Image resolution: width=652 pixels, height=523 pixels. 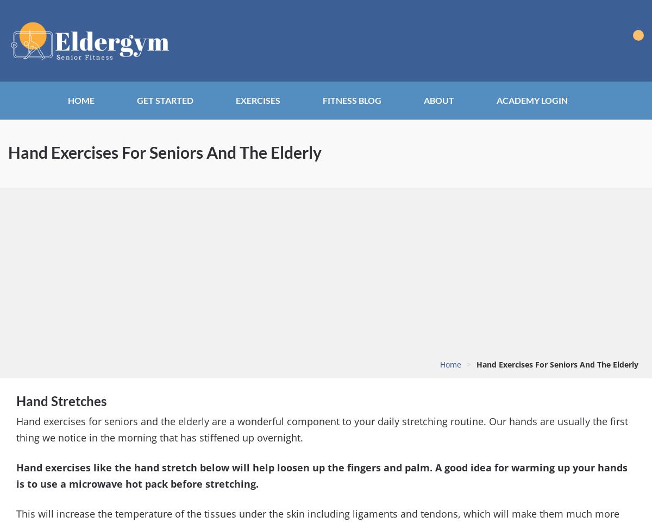 I want to click on 'Hand exercises for seniors and the elderly are a wonderful component to your daily stretching routine. Our hands are usually the first thing we notice in the morning that has stiffened up overnight.', so click(x=322, y=428).